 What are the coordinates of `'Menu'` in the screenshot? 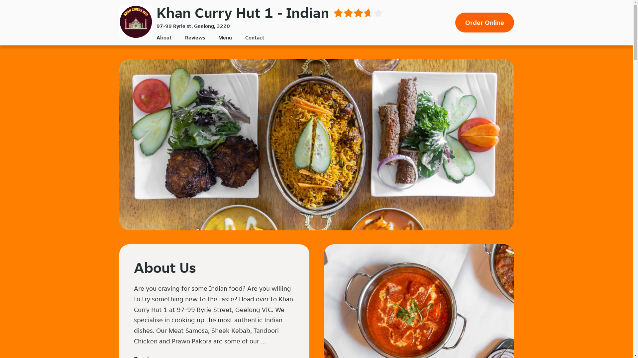 It's located at (225, 37).